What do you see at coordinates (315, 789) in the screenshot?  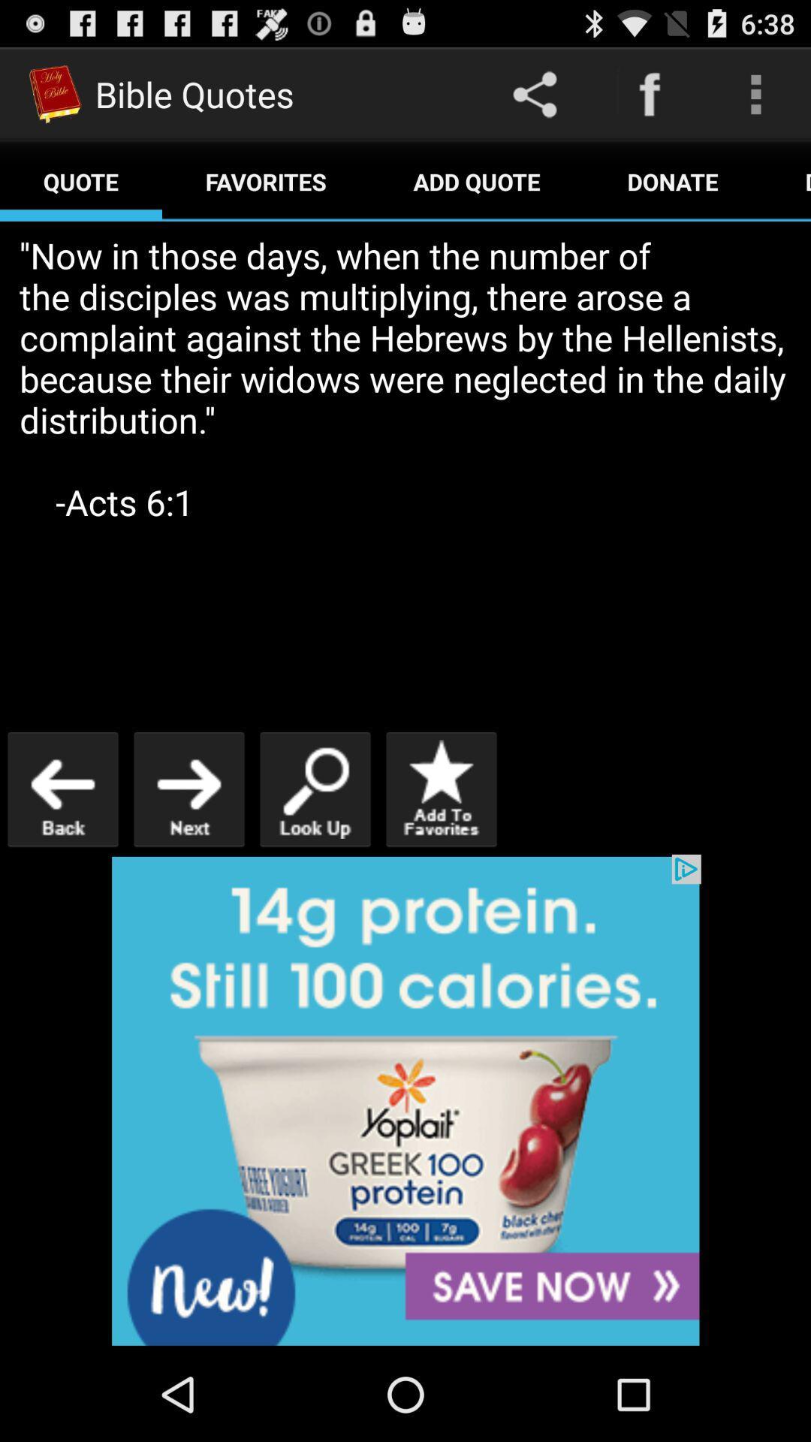 I see `search` at bounding box center [315, 789].